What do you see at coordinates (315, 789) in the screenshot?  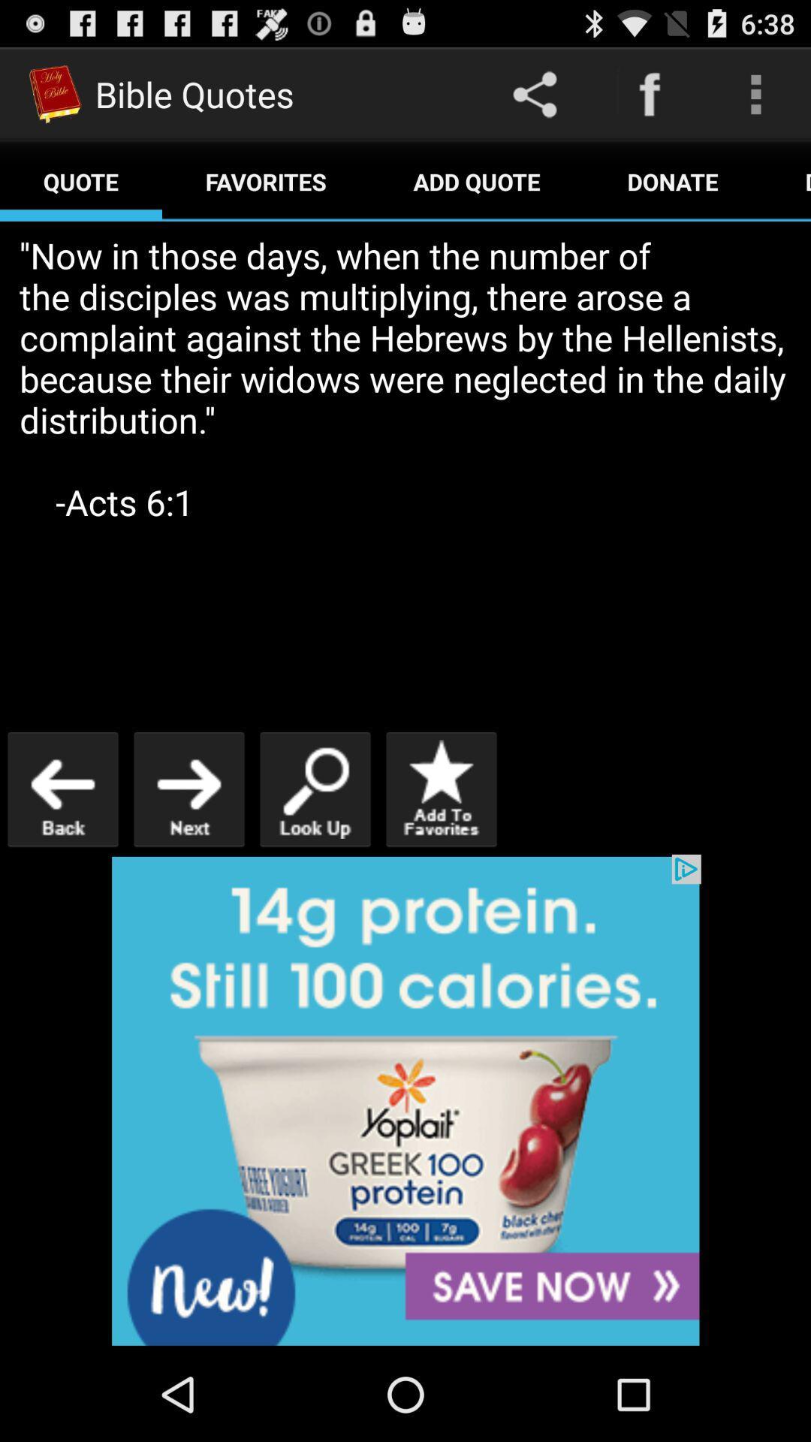 I see `search` at bounding box center [315, 789].